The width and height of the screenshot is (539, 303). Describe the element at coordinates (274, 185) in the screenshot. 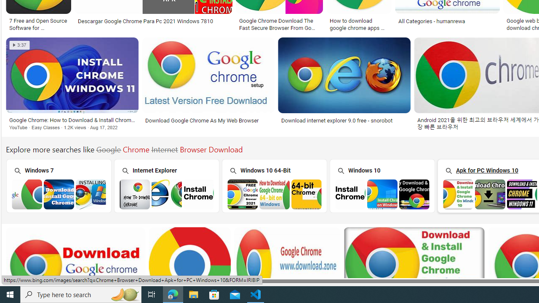

I see `'Chrome Browser Download Windows 10 64-Bit Windows 10 64-Bit'` at that location.